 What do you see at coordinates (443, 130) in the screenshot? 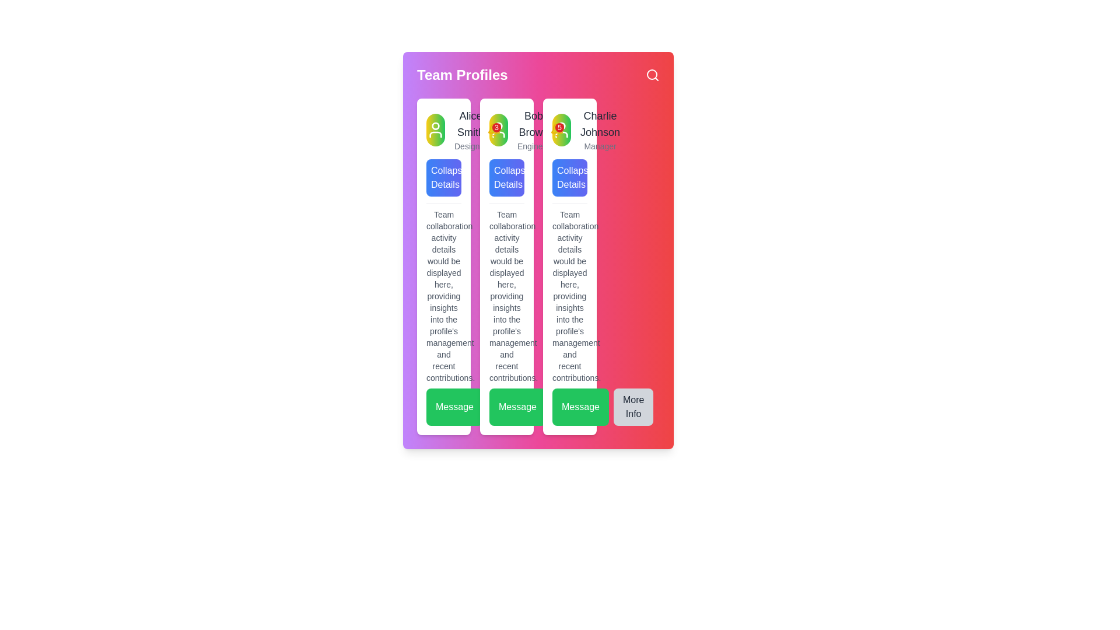
I see `the circular user avatar icon representing 'Alice Smith Designer 3', which features a gradient yellow to green color with a white outline of a person` at bounding box center [443, 130].